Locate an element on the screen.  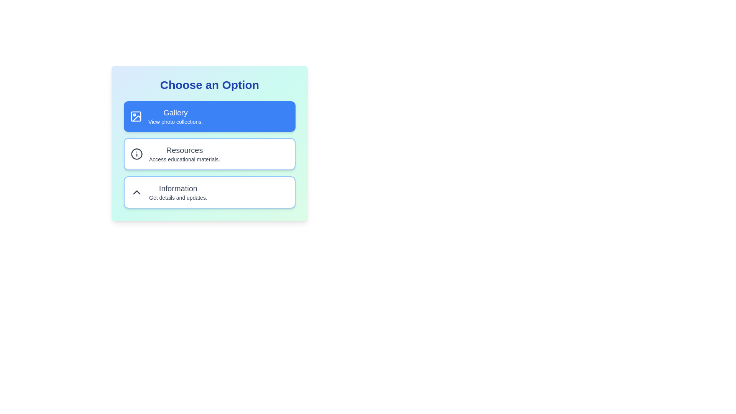
the static text label displaying the word 'Information', which is styled with a larger font and bold weight, located within the bottom interactive card of a vertical stack of options is located at coordinates (177, 189).